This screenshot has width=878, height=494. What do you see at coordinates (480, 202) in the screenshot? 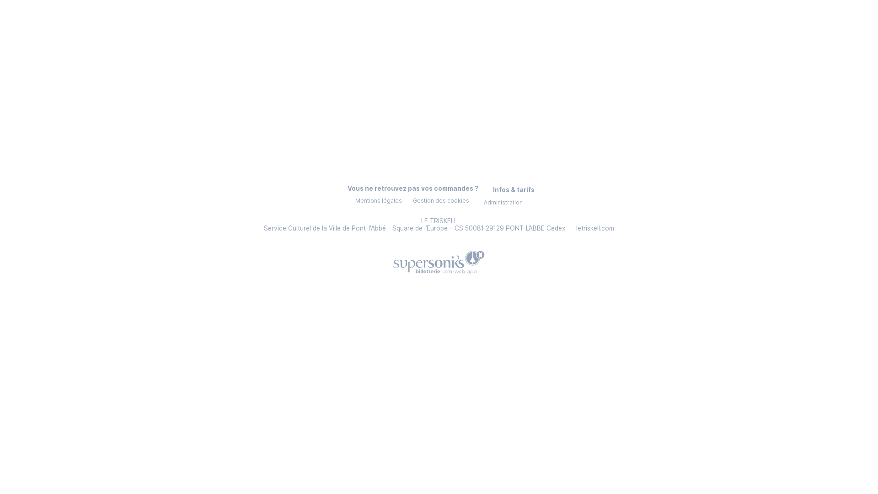
I see `'Administration'` at bounding box center [480, 202].